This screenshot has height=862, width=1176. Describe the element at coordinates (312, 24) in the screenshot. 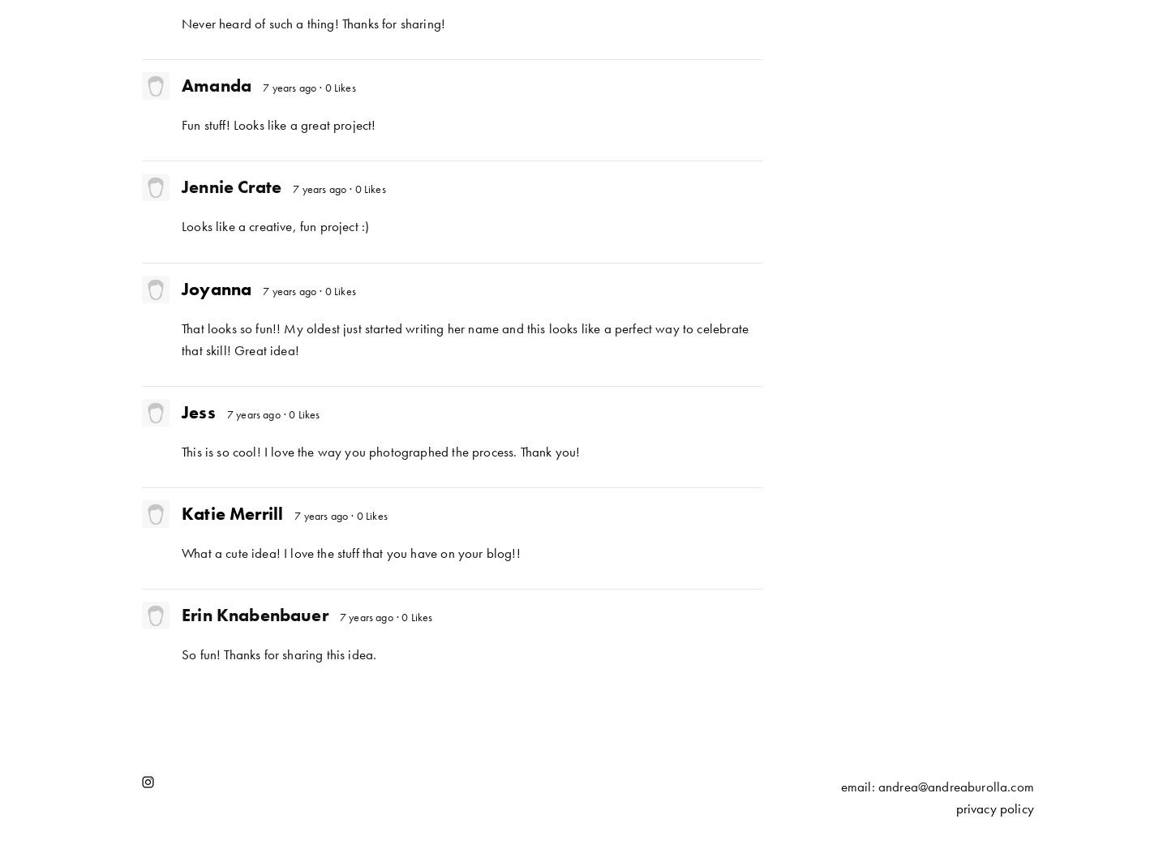

I see `'Never heard of such a thing! Thanks for sharing!'` at that location.